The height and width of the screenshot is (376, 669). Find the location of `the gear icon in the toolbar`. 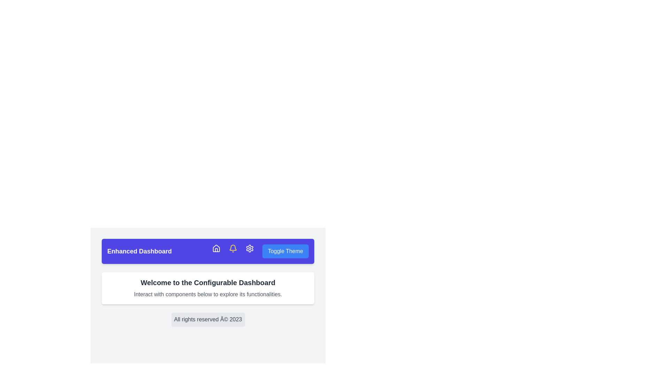

the gear icon in the toolbar is located at coordinates (249, 248).